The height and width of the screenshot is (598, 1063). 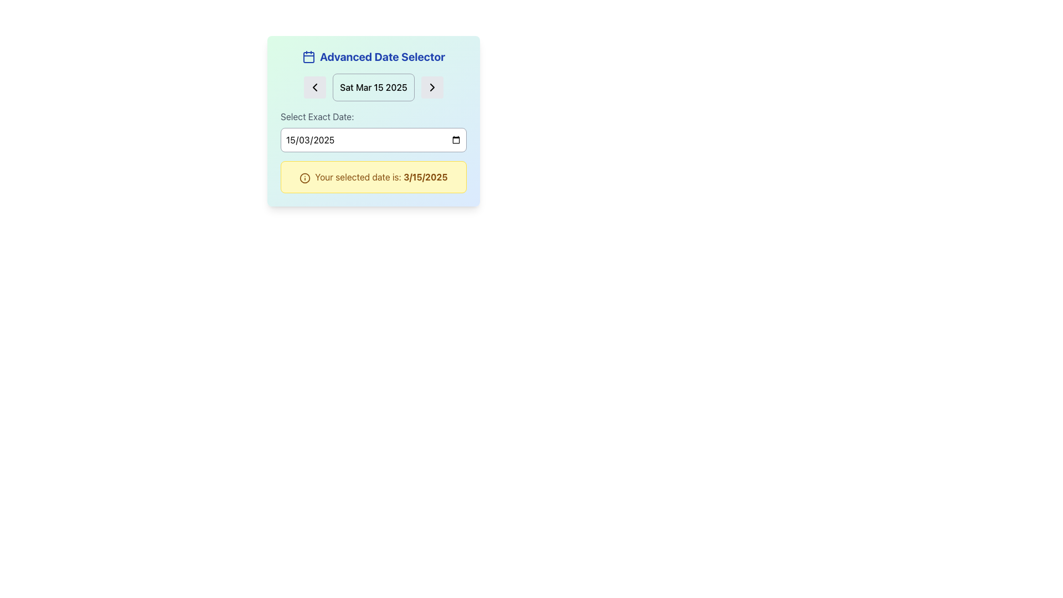 What do you see at coordinates (425, 177) in the screenshot?
I see `date displayed in the bold brown text '3/15/2025' located in the yellow-highlighted notification box` at bounding box center [425, 177].